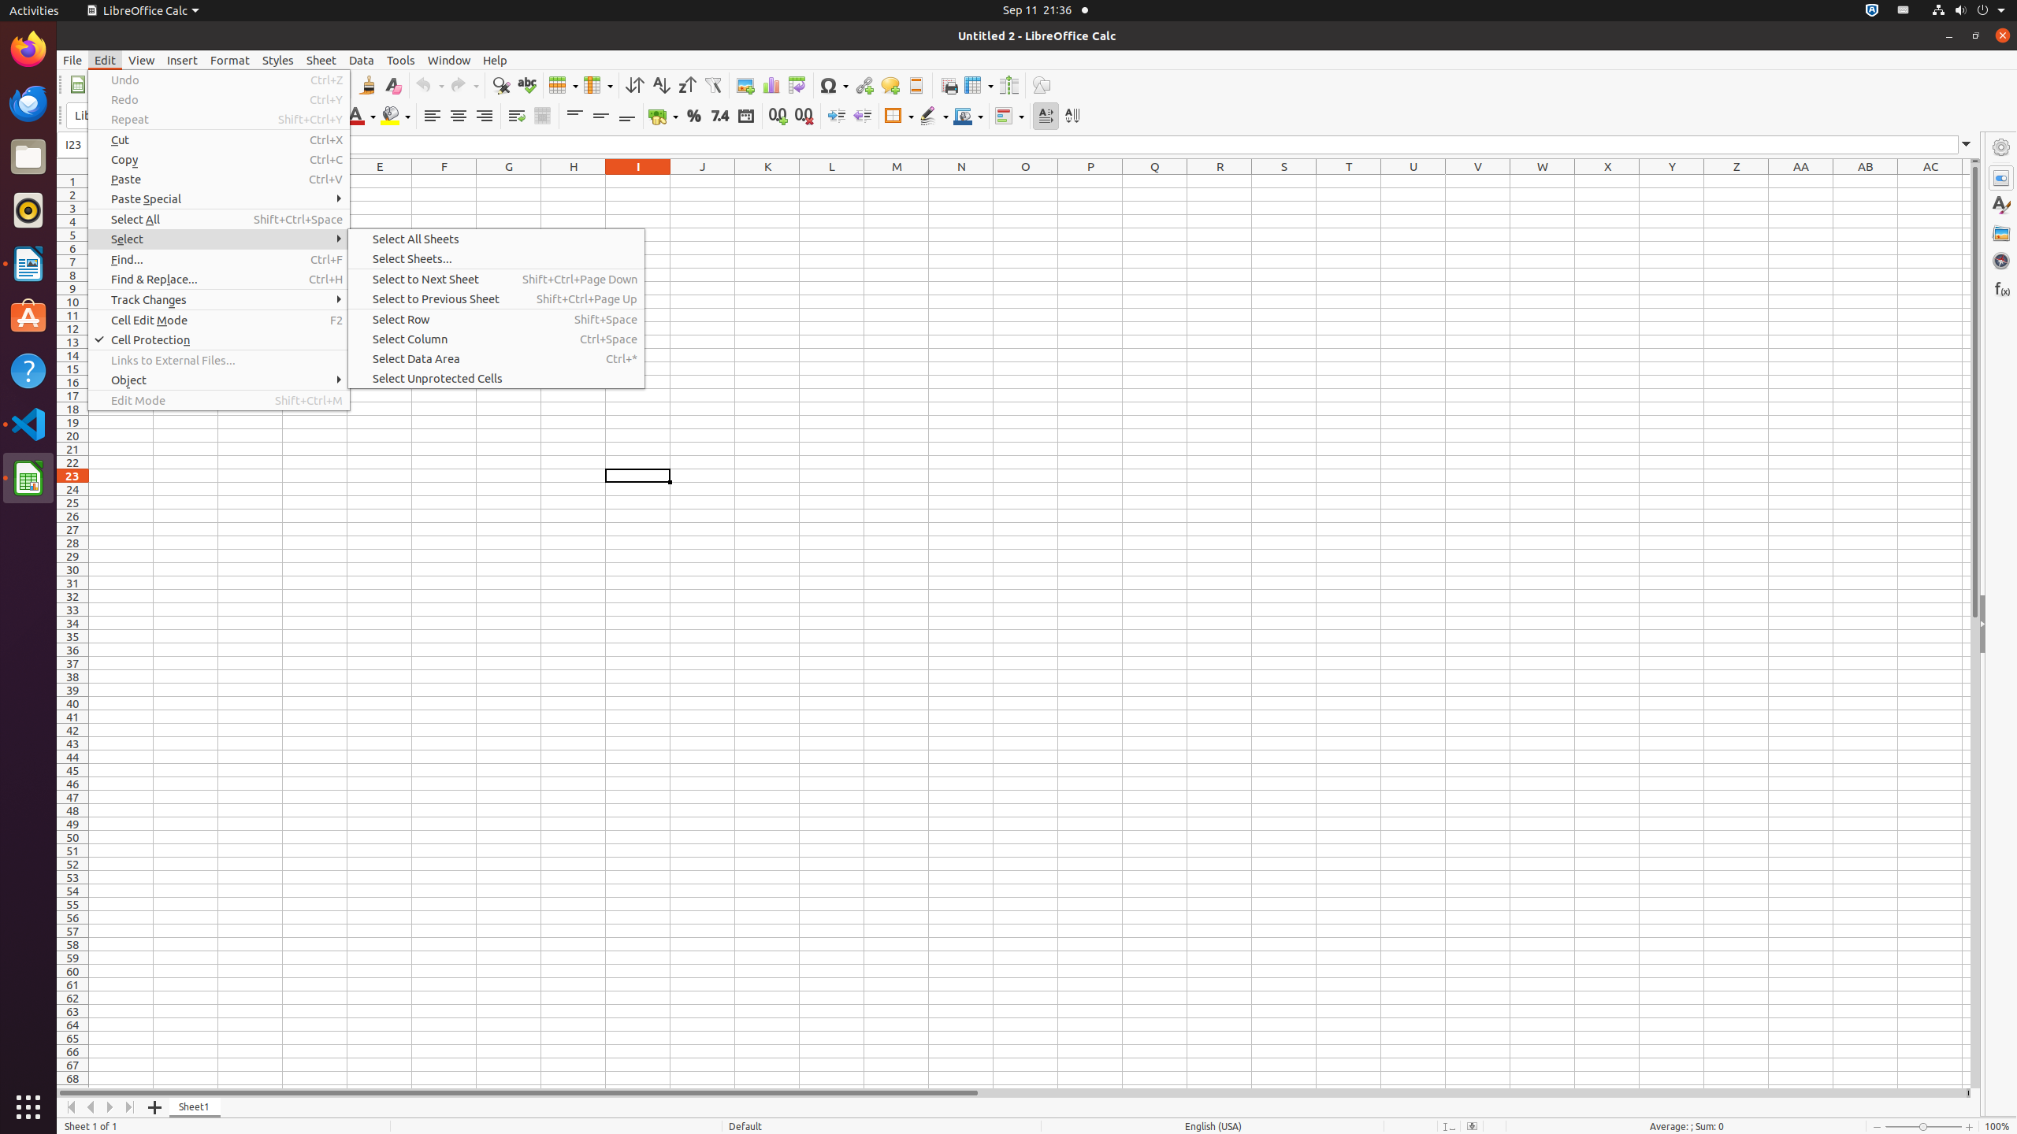 This screenshot has height=1134, width=2017. I want to click on 'V1', so click(1477, 180).